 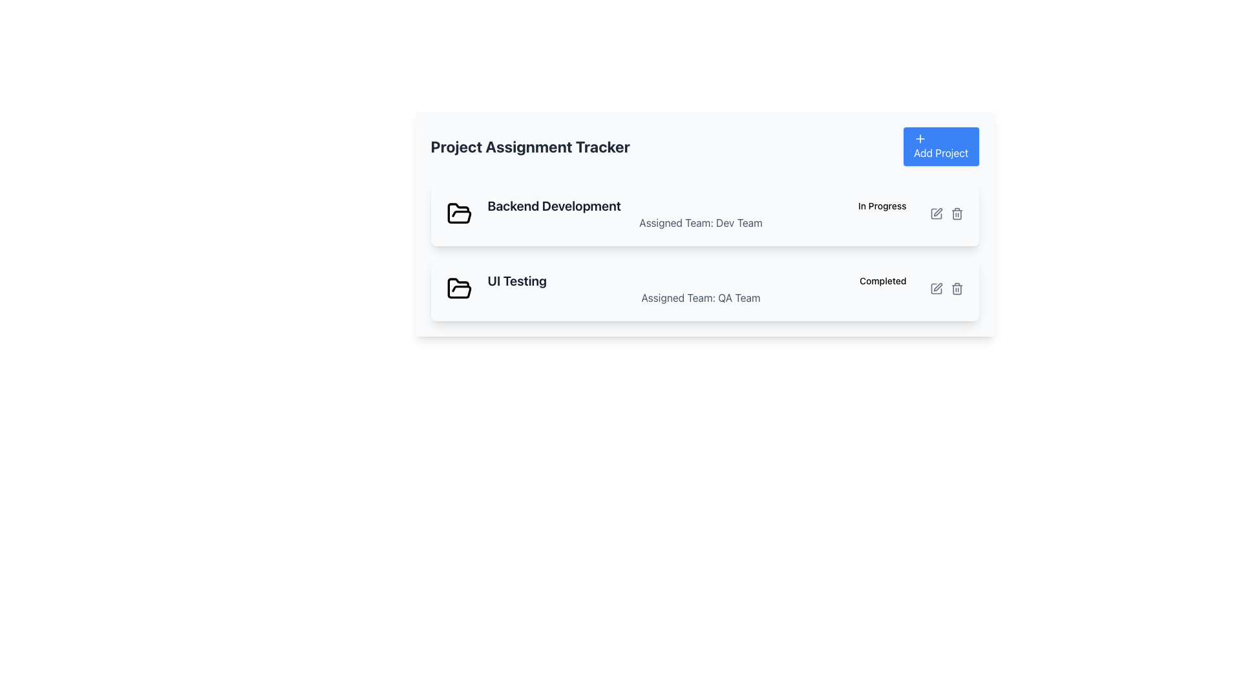 What do you see at coordinates (704, 213) in the screenshot?
I see `information displayed on the card titled 'Backend Development' which shows the tag 'In Progress' and description 'Assigned Team: Dev Team'` at bounding box center [704, 213].